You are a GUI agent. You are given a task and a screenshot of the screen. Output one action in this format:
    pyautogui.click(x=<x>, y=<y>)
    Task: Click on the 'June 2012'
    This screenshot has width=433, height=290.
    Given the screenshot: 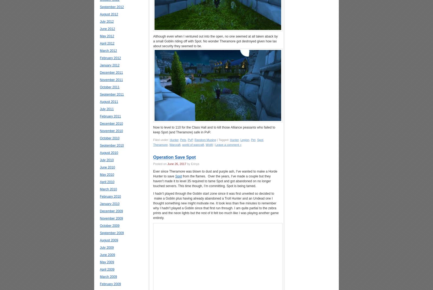 What is the action you would take?
    pyautogui.click(x=100, y=29)
    